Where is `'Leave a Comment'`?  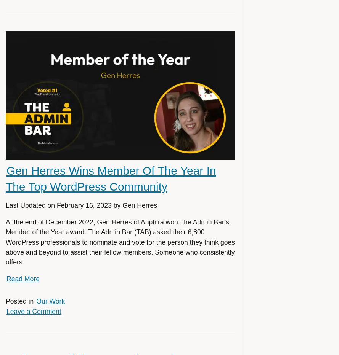 'Leave a Comment' is located at coordinates (6, 311).